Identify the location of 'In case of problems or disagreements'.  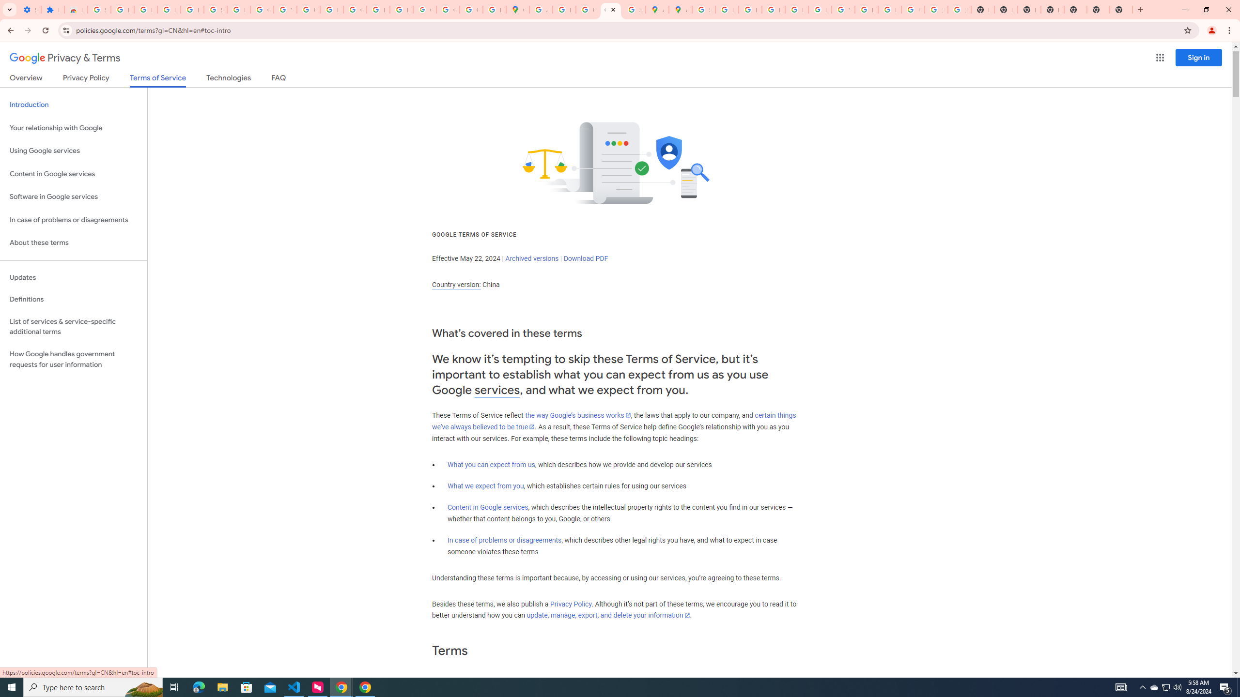
(504, 540).